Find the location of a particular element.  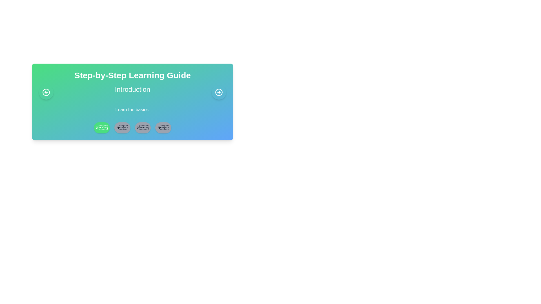

the interactive circular indicators located at the bottom of the 'Step-by-Step Learning Guide' informational panel is located at coordinates (132, 102).